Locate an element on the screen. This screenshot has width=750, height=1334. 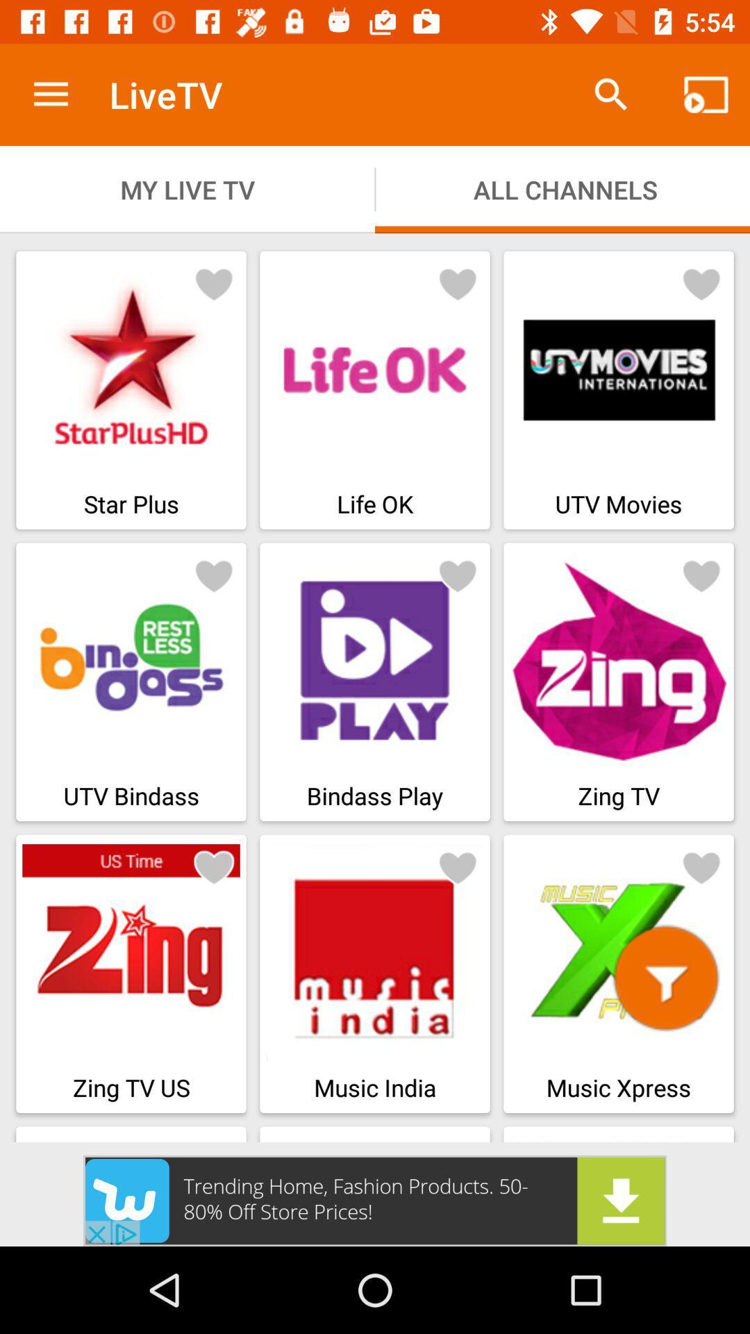
advertisement to favorites is located at coordinates (214, 575).